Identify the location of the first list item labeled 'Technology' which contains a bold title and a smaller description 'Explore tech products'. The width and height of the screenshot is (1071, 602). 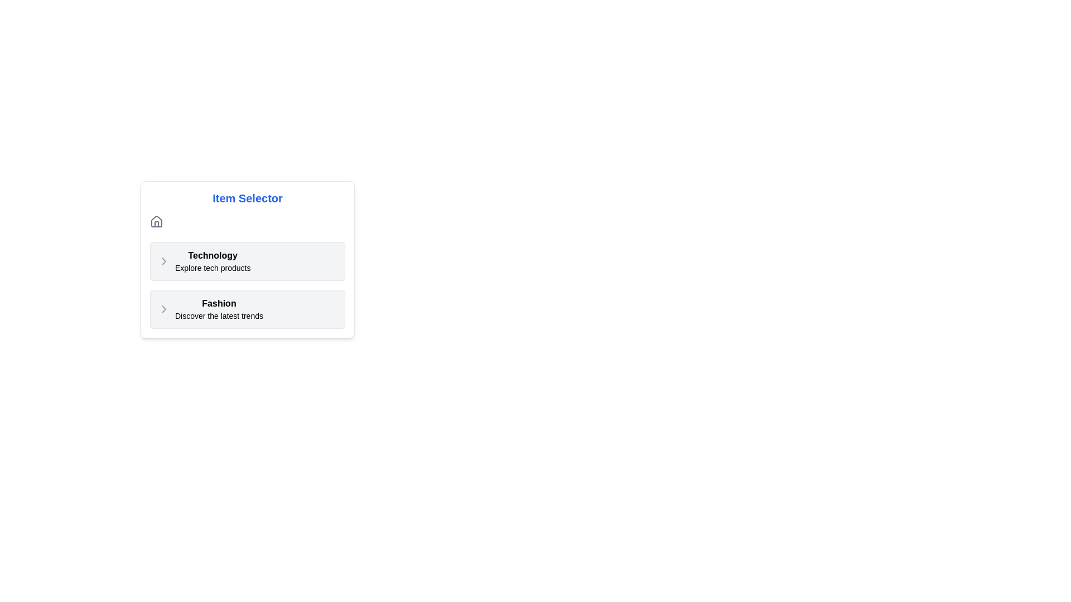
(247, 261).